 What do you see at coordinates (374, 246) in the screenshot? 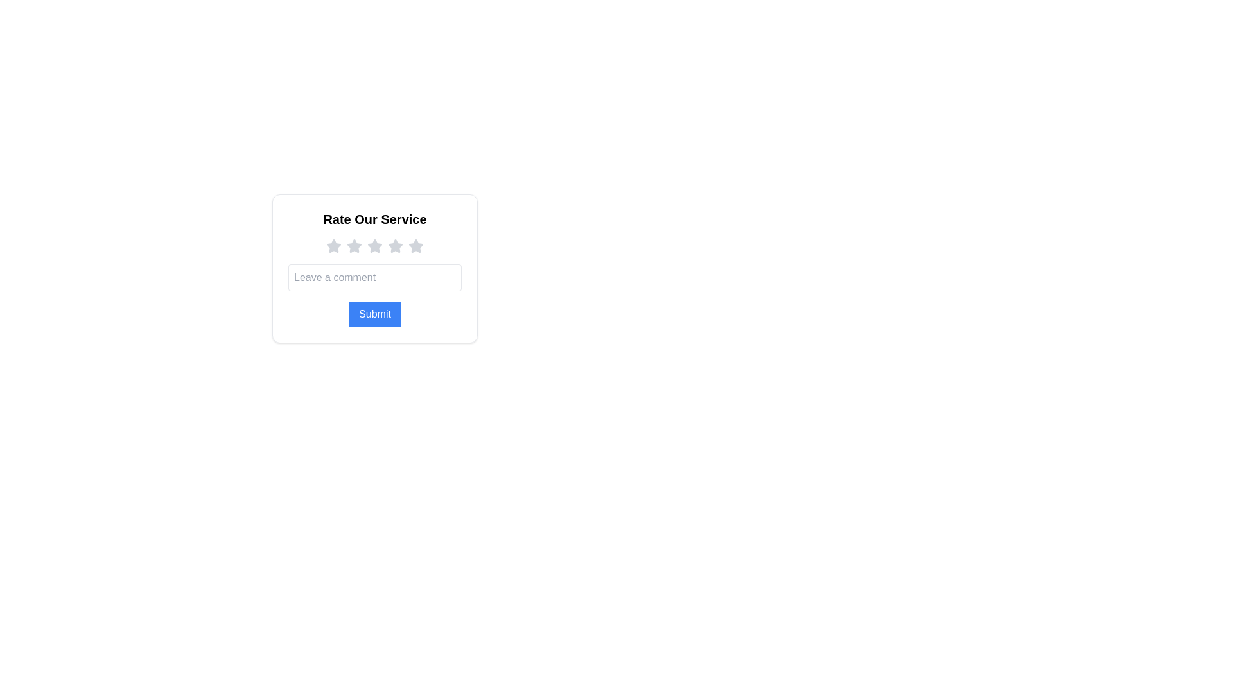
I see `the third star icon in the horizontal rating selection component` at bounding box center [374, 246].